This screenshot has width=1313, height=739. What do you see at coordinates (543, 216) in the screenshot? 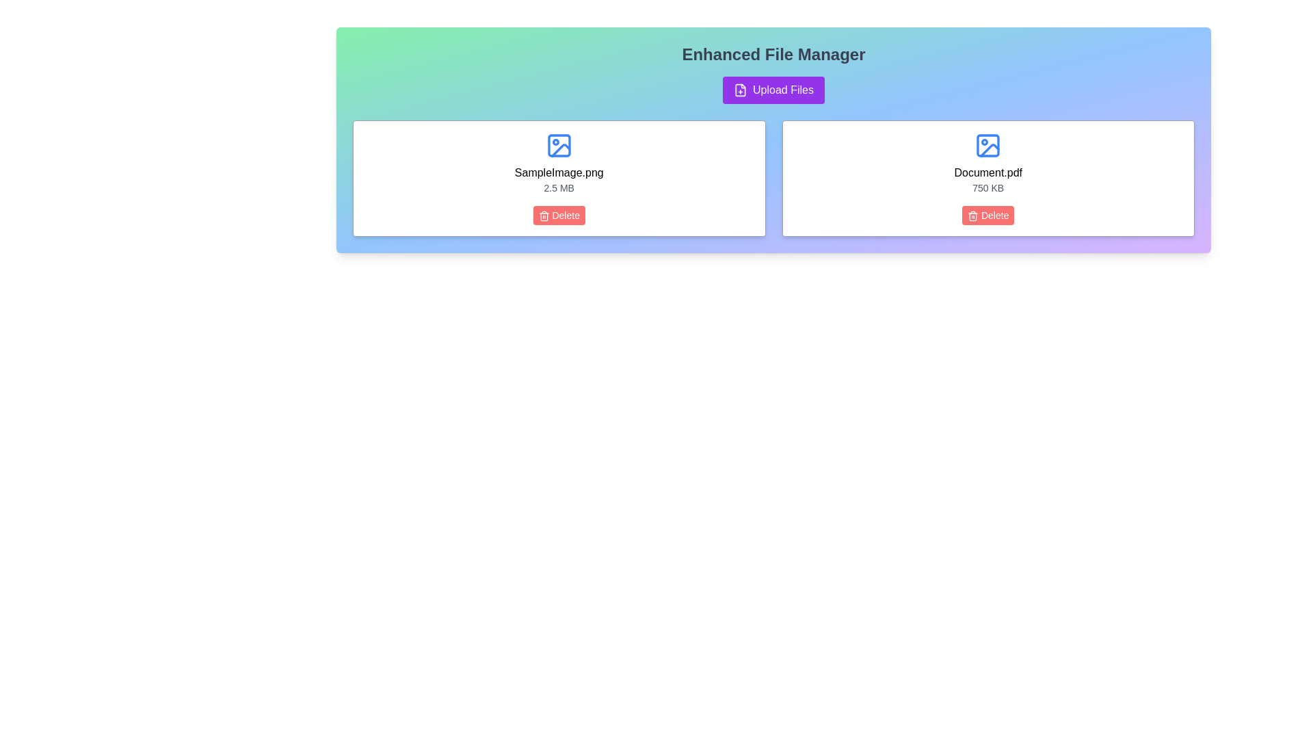
I see `the vertical lines of the trash can icon` at bounding box center [543, 216].